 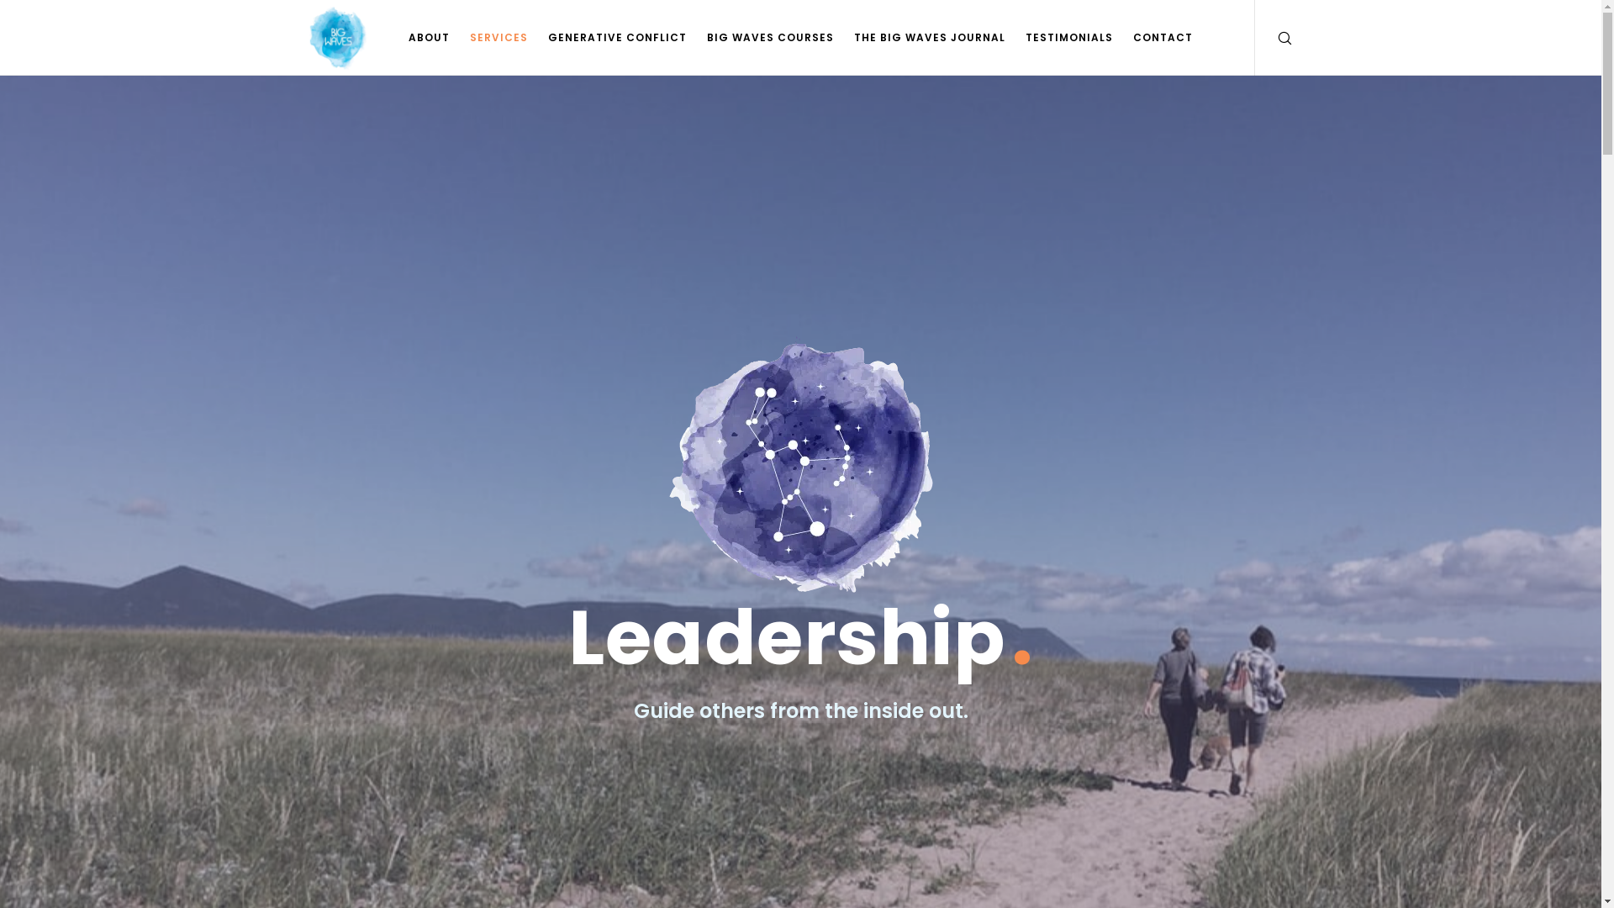 What do you see at coordinates (1122, 38) in the screenshot?
I see `'CONTACT'` at bounding box center [1122, 38].